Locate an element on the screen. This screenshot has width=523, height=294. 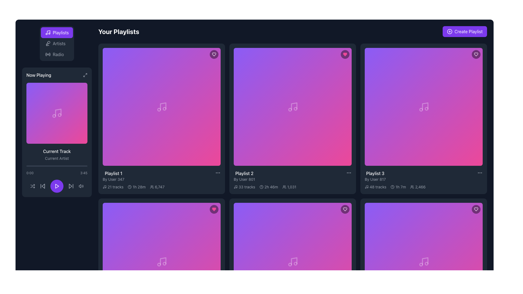
the vibrant violet 'Create Playlist' button with a plus symbol icon located in the top-right corner of the interface to create a new playlist is located at coordinates (464, 31).